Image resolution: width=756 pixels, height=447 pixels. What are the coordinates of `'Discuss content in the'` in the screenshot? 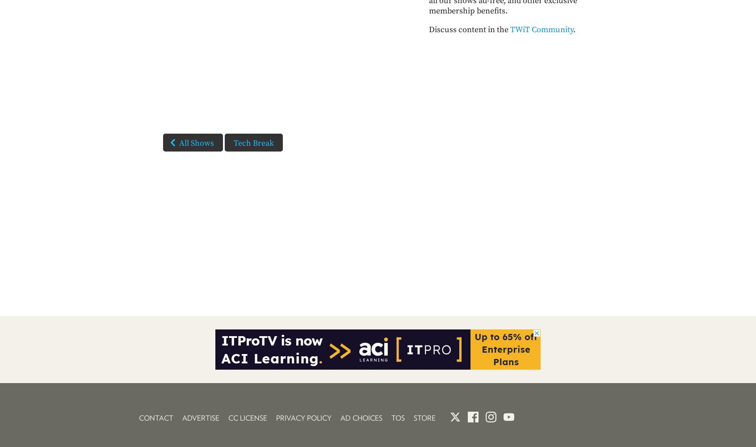 It's located at (429, 29).